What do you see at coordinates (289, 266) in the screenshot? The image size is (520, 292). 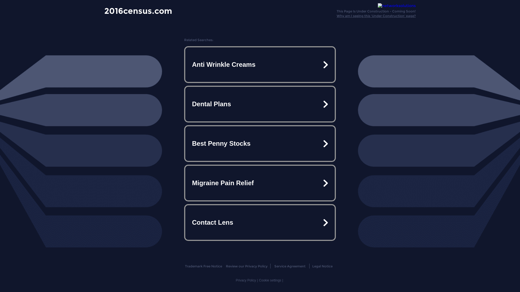 I see `'Service Agreement'` at bounding box center [289, 266].